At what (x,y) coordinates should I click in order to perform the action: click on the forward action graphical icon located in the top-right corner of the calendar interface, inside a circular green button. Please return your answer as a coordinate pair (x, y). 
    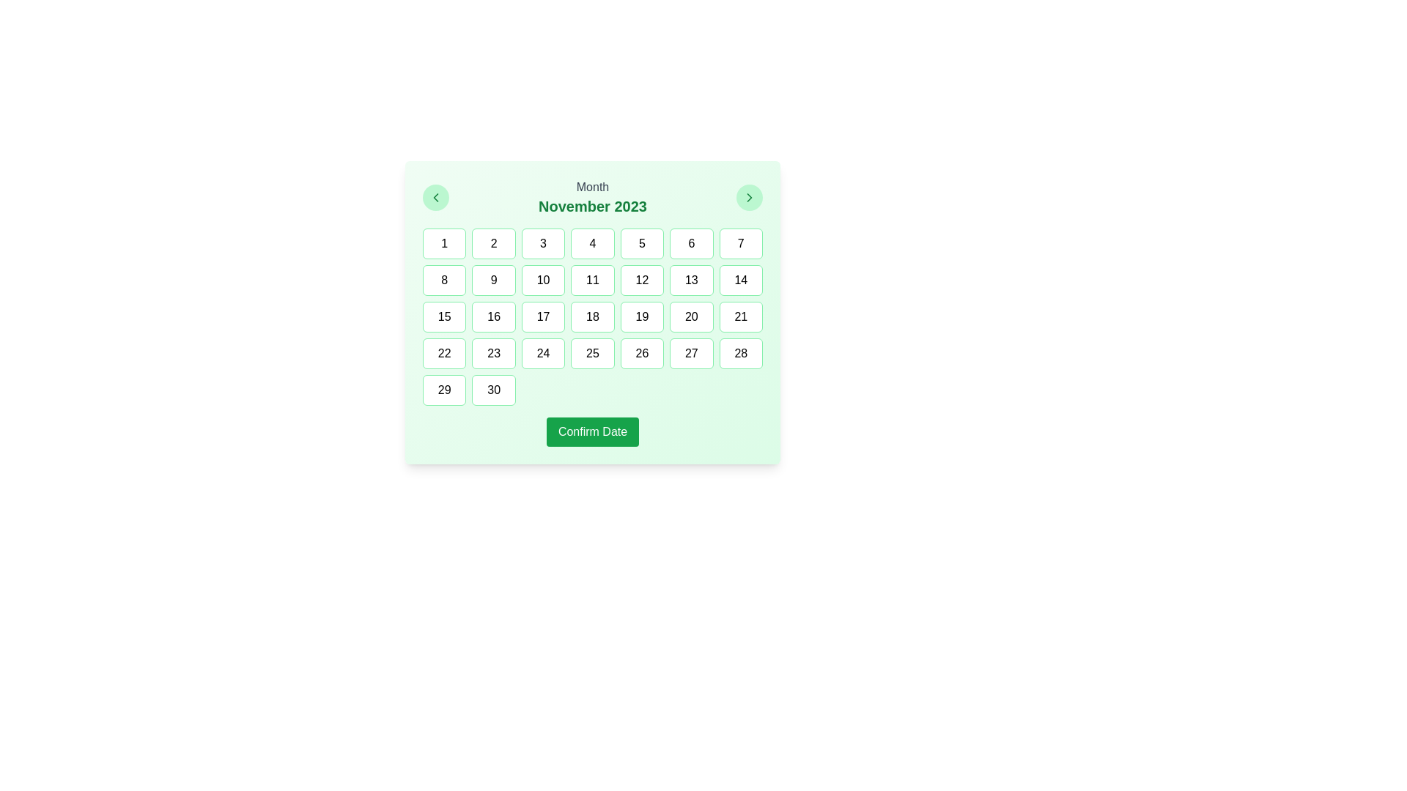
    Looking at the image, I should click on (749, 198).